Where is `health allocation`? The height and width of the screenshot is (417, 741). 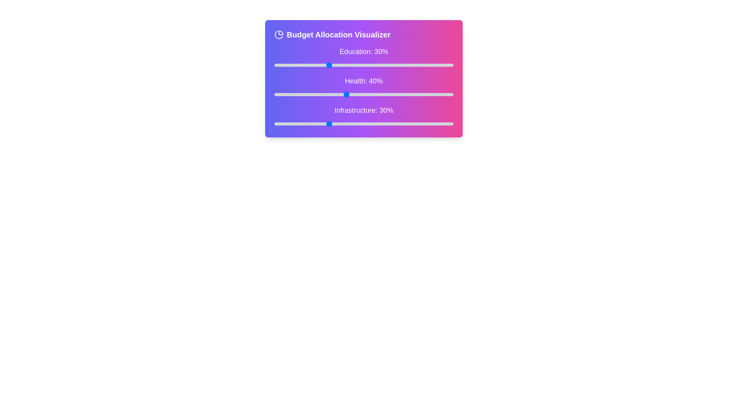 health allocation is located at coordinates (310, 94).